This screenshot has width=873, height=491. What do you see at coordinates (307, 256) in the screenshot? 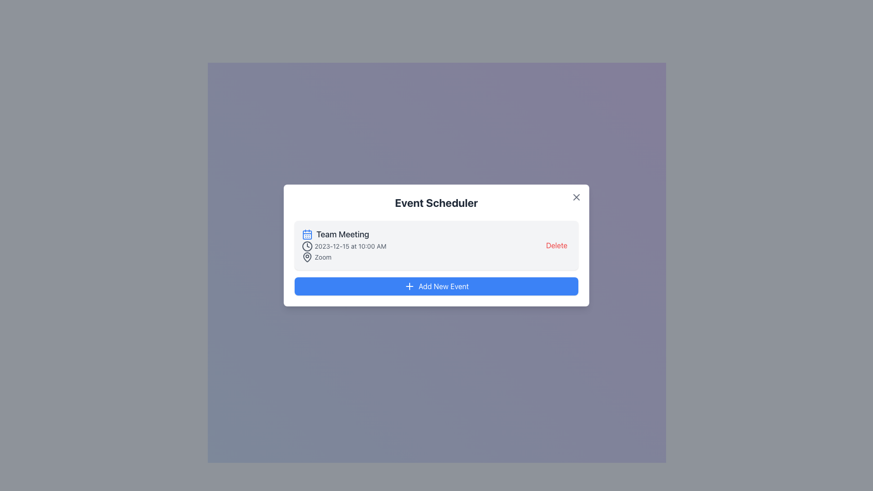
I see `the location icon next to the 'Zoom' label in the 'Event Scheduler' dialog for the 'Team Meeting' event` at bounding box center [307, 256].